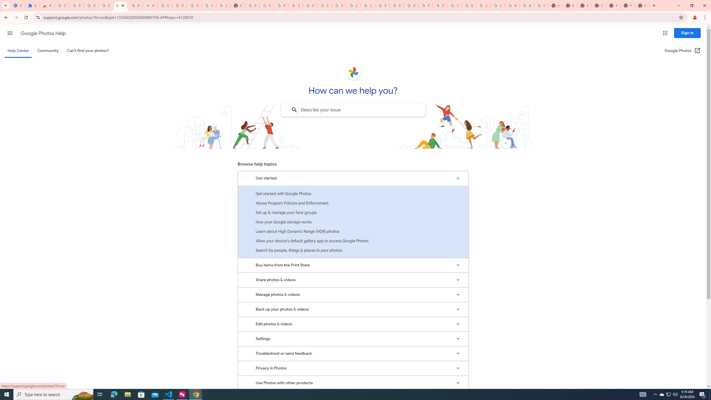  Describe the element at coordinates (682, 50) in the screenshot. I see `'Google Photos (Open in a new window)'` at that location.